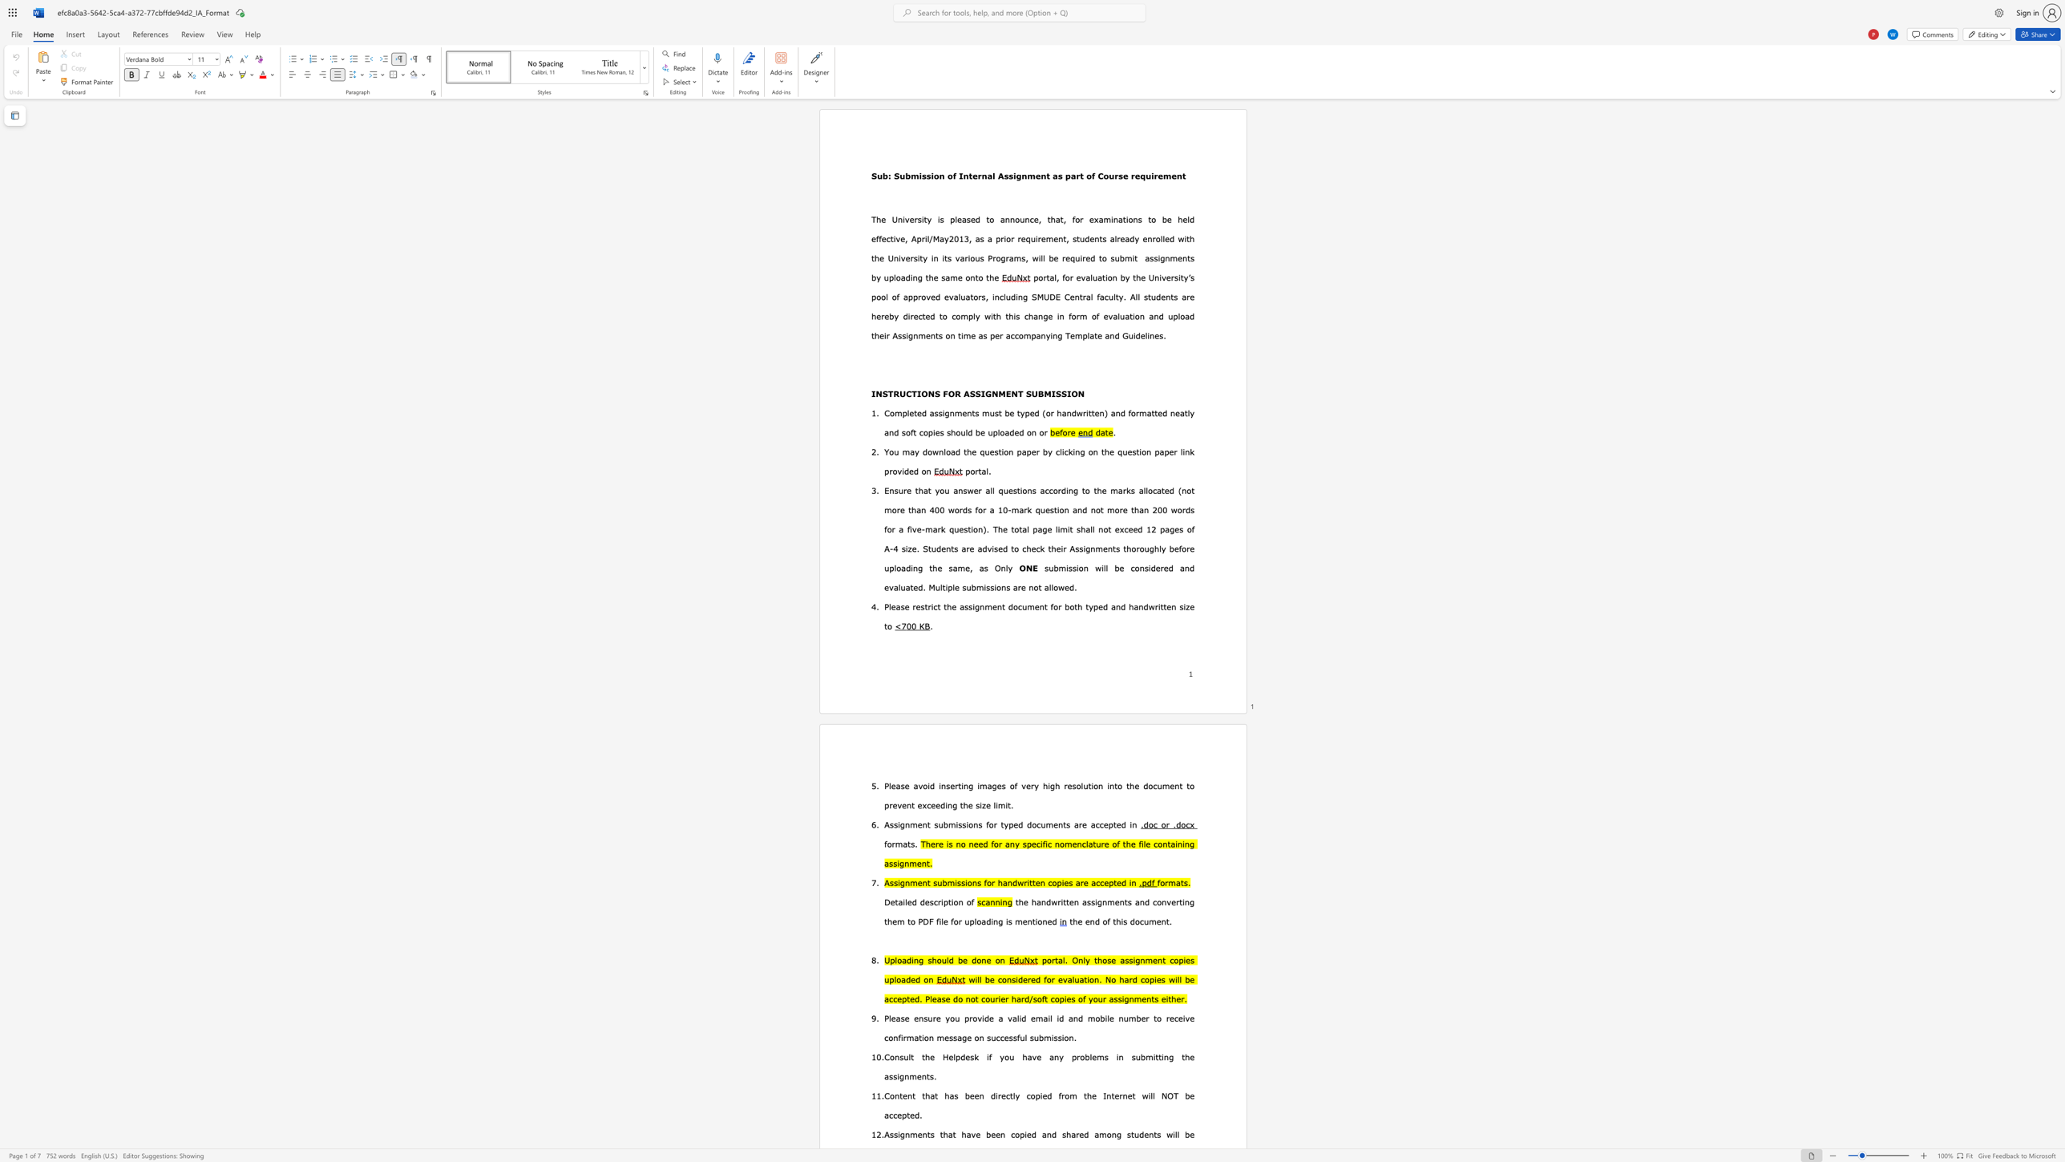  Describe the element at coordinates (1161, 921) in the screenshot. I see `the subset text "nt." within the text "the end of this document."` at that location.